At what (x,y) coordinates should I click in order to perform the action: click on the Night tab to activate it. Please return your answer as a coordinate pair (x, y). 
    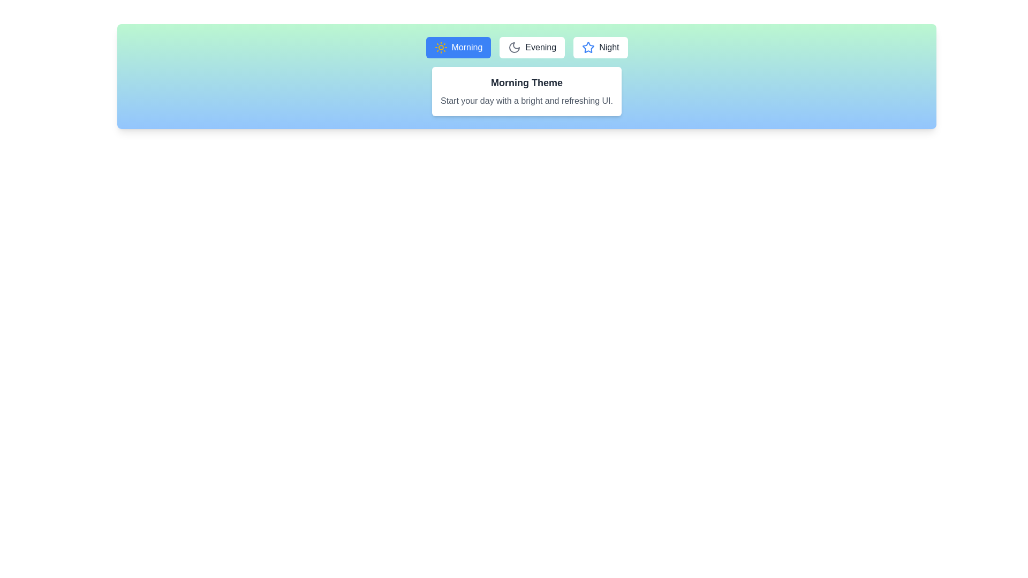
    Looking at the image, I should click on (600, 47).